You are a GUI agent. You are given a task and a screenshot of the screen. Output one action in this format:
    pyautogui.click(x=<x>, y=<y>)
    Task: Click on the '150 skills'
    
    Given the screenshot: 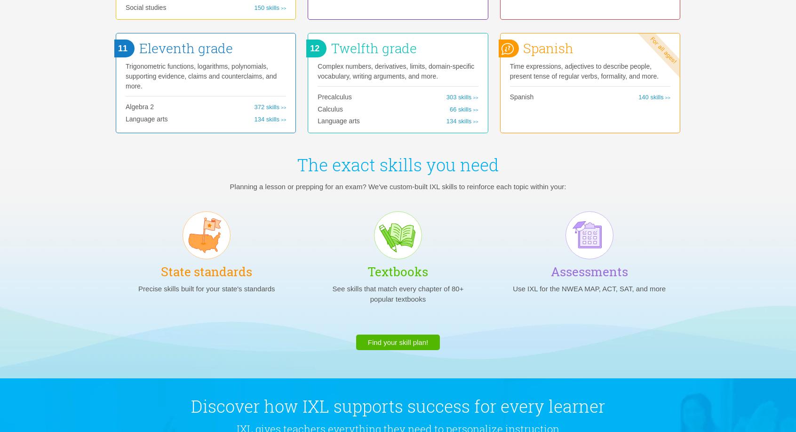 What is the action you would take?
    pyautogui.click(x=266, y=7)
    